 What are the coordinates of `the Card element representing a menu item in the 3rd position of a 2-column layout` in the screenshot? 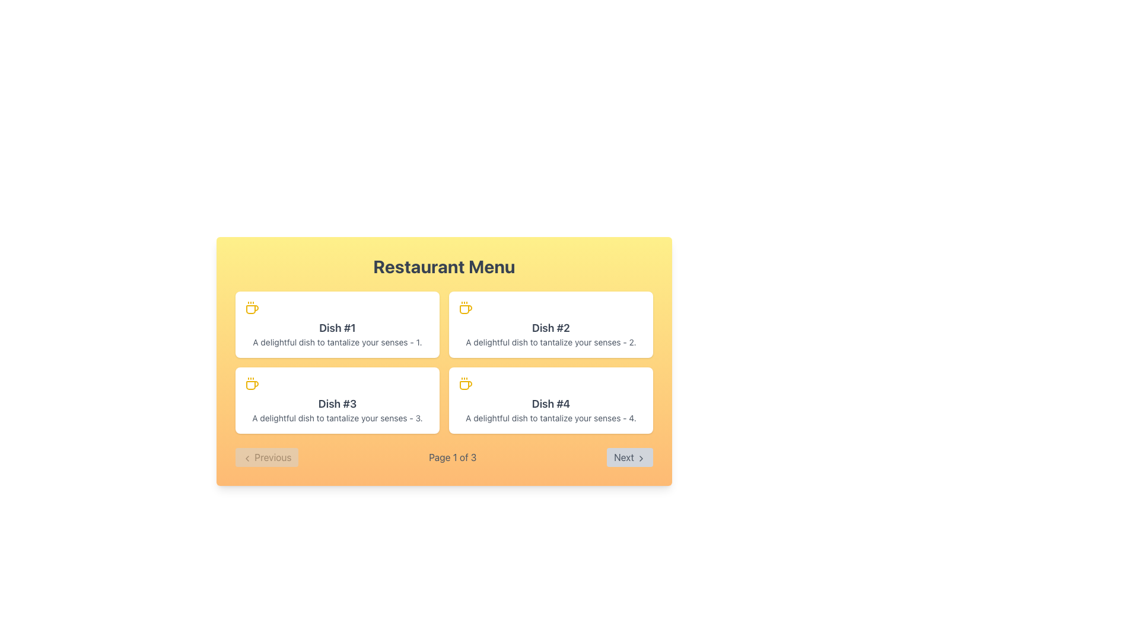 It's located at (337, 400).